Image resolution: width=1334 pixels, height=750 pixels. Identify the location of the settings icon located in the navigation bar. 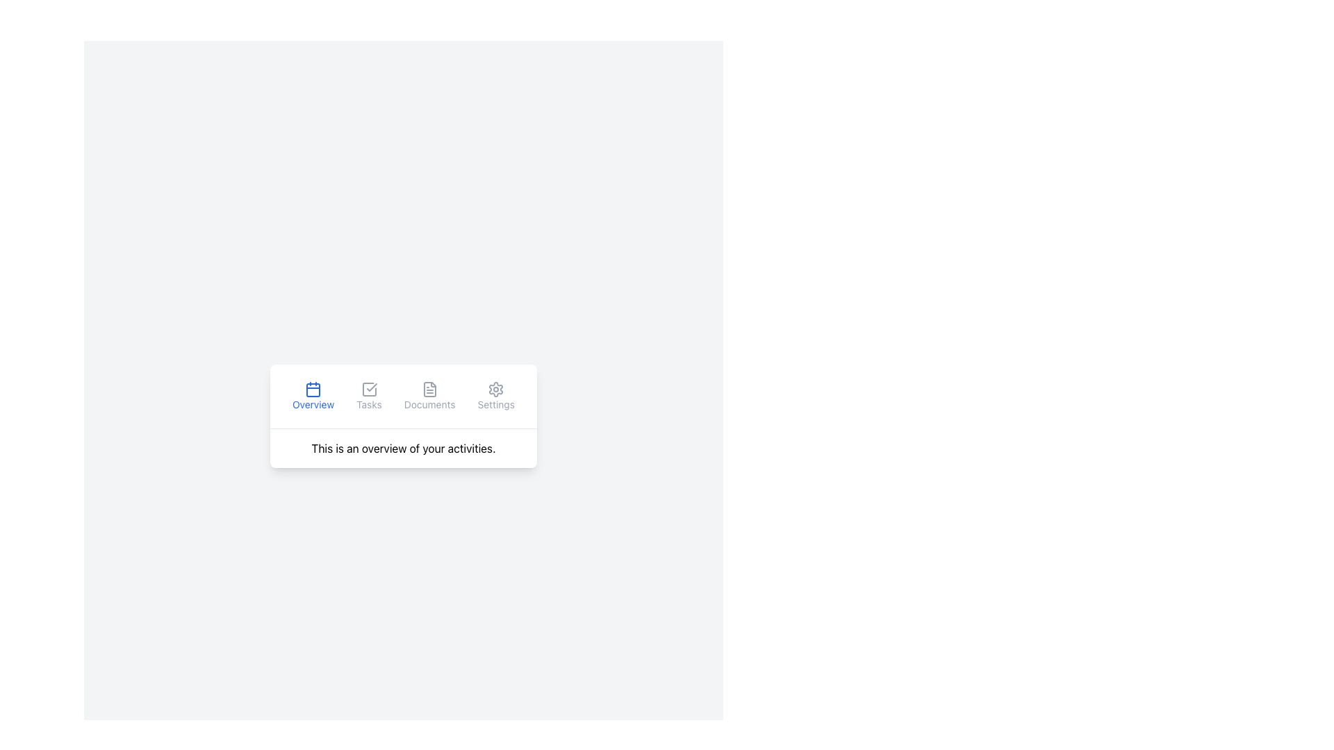
(496, 388).